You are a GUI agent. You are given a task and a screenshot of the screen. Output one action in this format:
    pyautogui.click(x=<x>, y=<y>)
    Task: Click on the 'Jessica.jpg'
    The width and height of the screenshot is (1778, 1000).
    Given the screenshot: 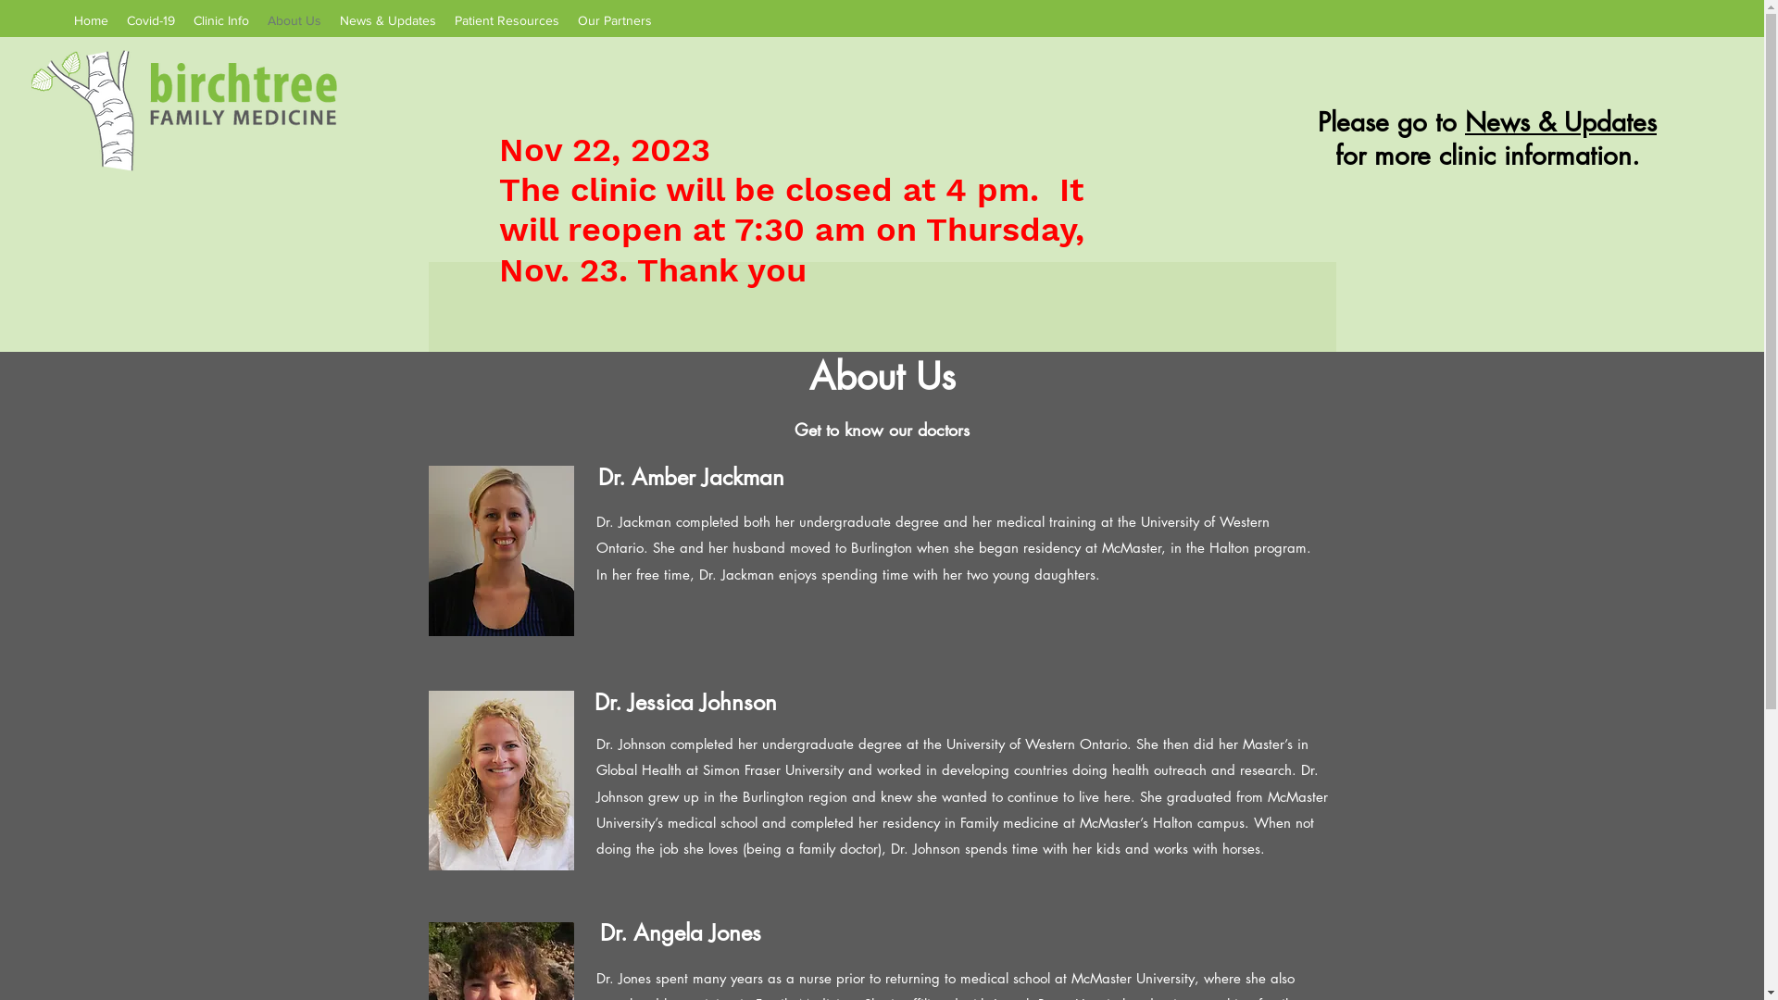 What is the action you would take?
    pyautogui.click(x=500, y=781)
    